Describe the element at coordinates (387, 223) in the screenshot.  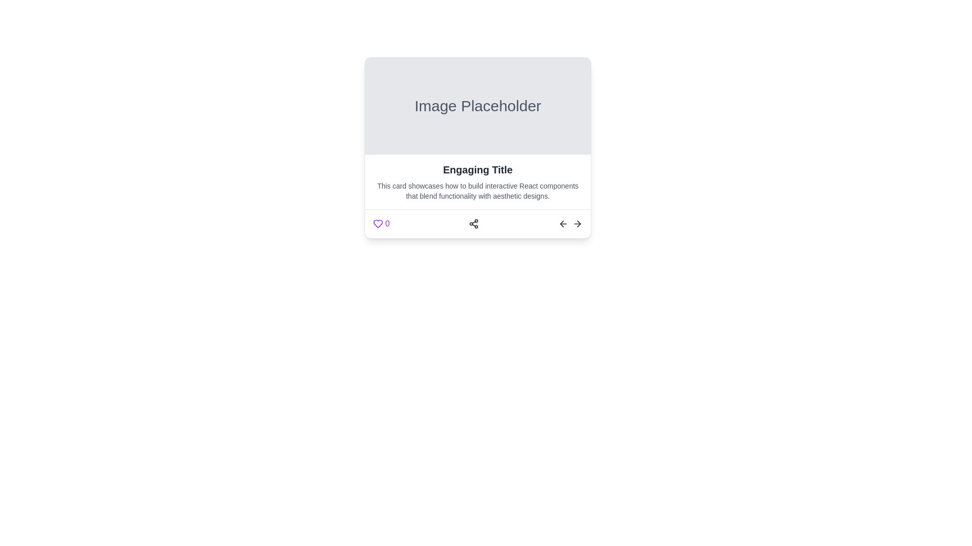
I see `the static text element representing the numerical counter for likes or favorites, located in the bottom-left corner of the card layout, next to the heart icon` at that location.